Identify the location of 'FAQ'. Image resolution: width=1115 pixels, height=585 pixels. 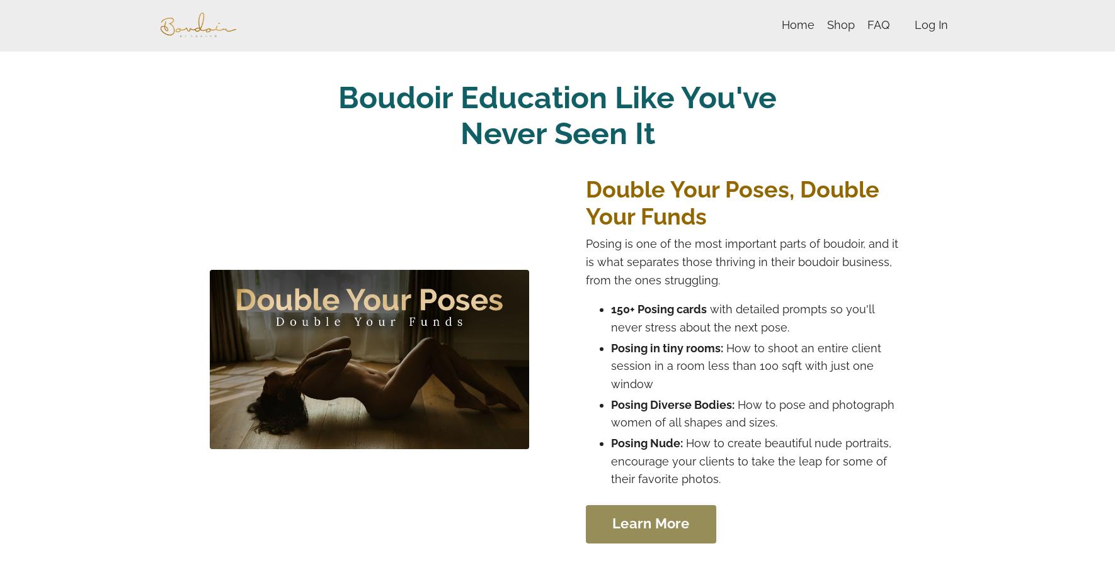
(878, 24).